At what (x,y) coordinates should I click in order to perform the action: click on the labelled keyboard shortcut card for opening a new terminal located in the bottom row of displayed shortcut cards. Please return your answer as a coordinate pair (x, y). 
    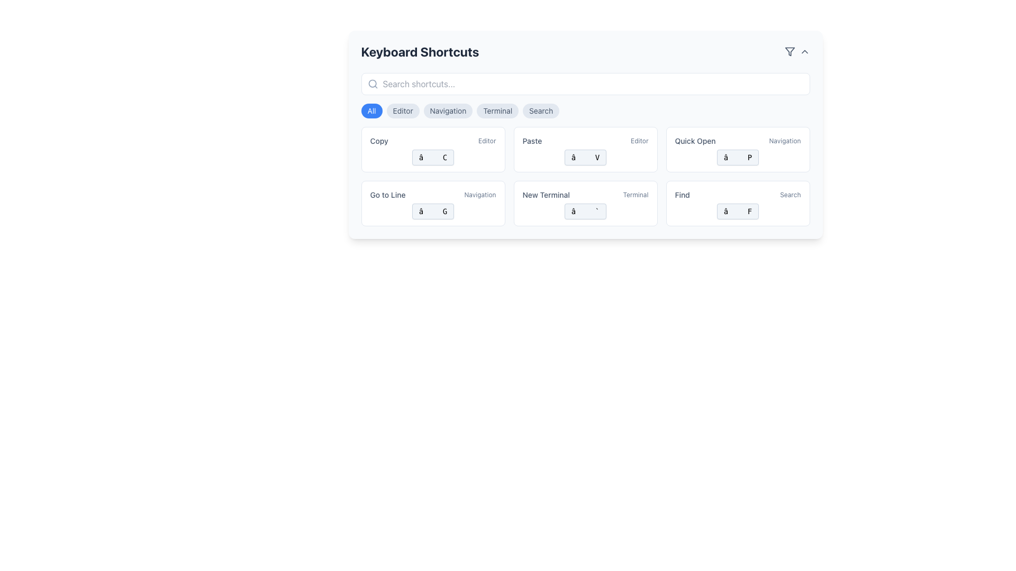
    Looking at the image, I should click on (585, 195).